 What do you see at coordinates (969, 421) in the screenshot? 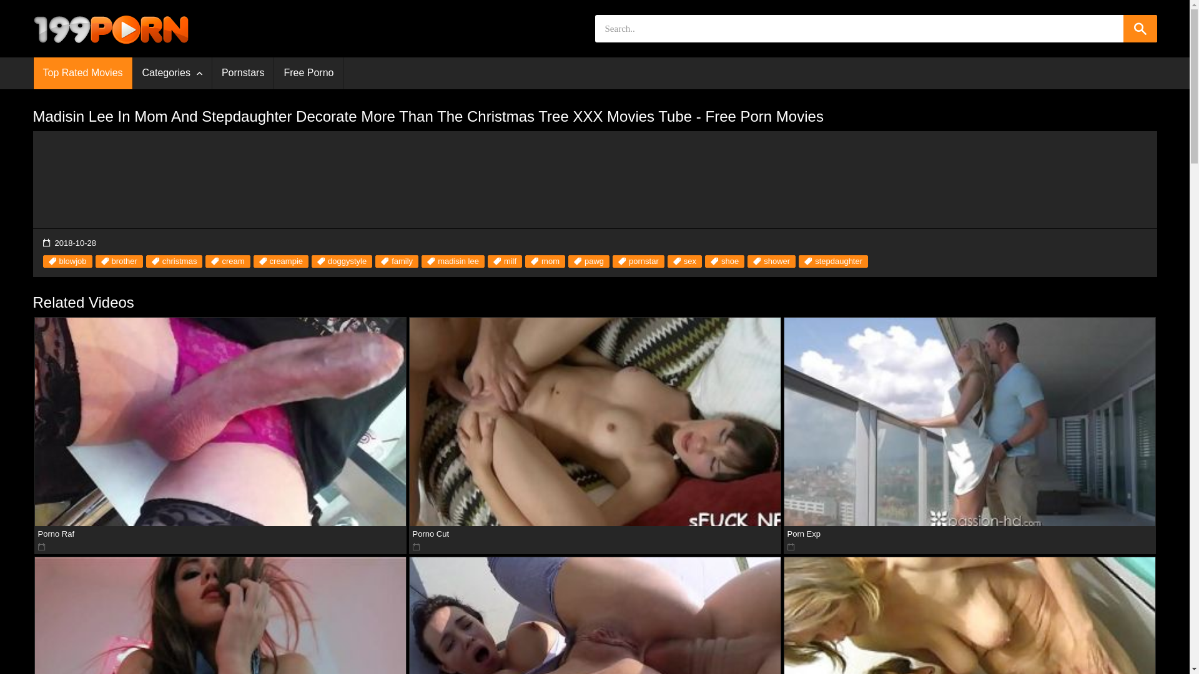
I see `'Porn Exp'` at bounding box center [969, 421].